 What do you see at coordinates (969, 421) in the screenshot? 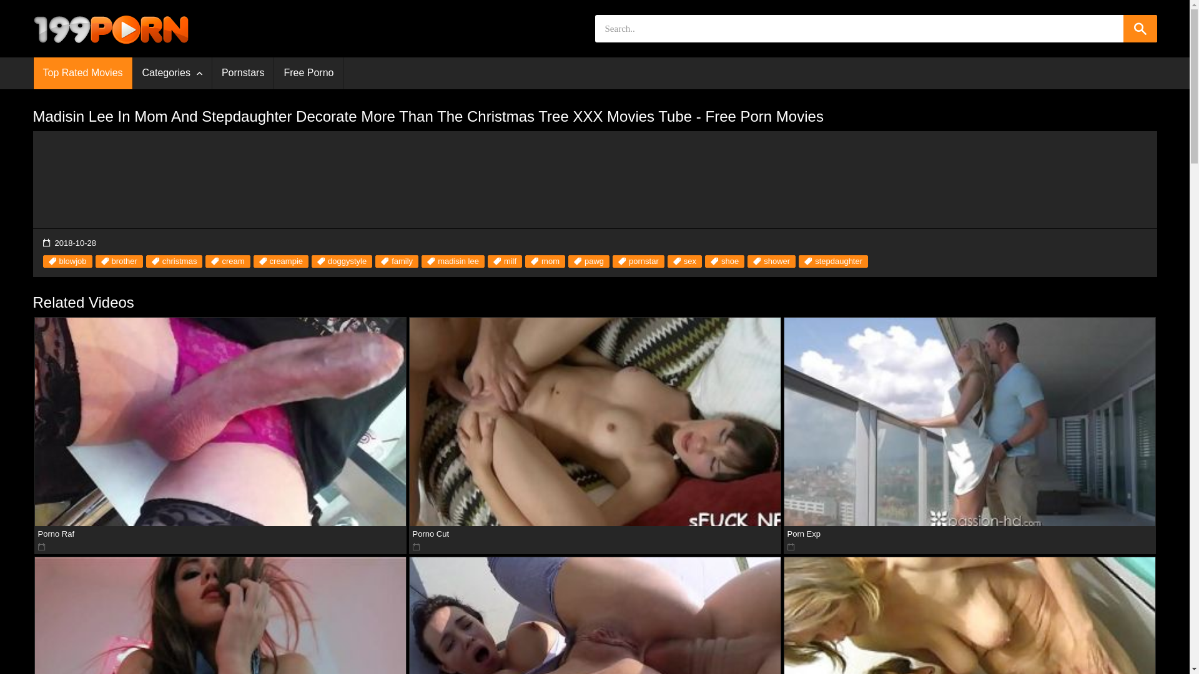
I see `'Porn Exp'` at bounding box center [969, 421].